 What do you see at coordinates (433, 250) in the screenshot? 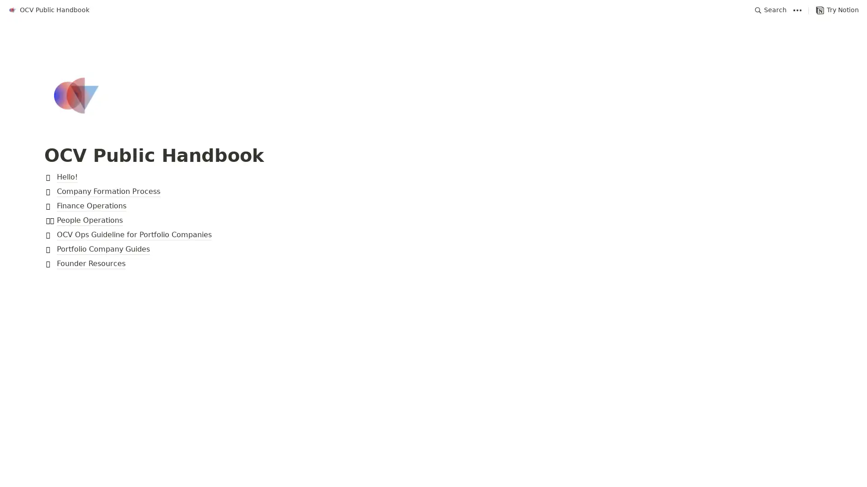
I see `Portfolio Company Guides` at bounding box center [433, 250].